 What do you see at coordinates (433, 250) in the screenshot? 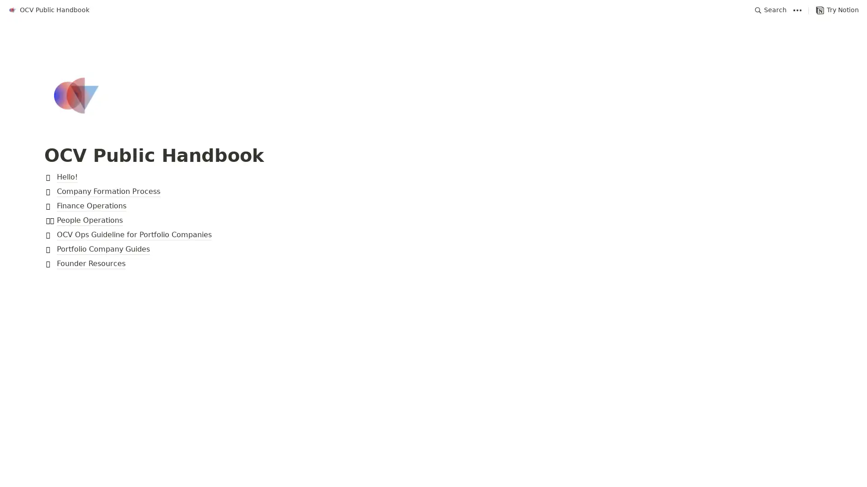
I see `Portfolio Company Guides` at bounding box center [433, 250].